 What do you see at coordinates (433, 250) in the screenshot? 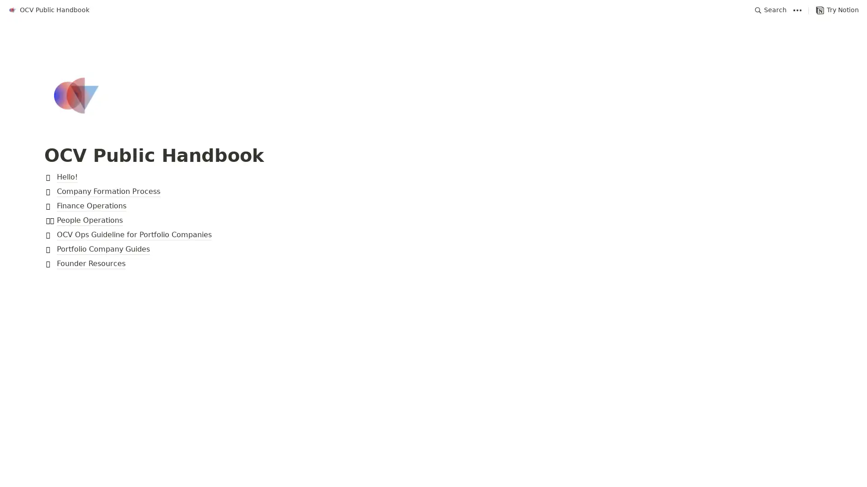
I see `Portfolio Company Guides` at bounding box center [433, 250].